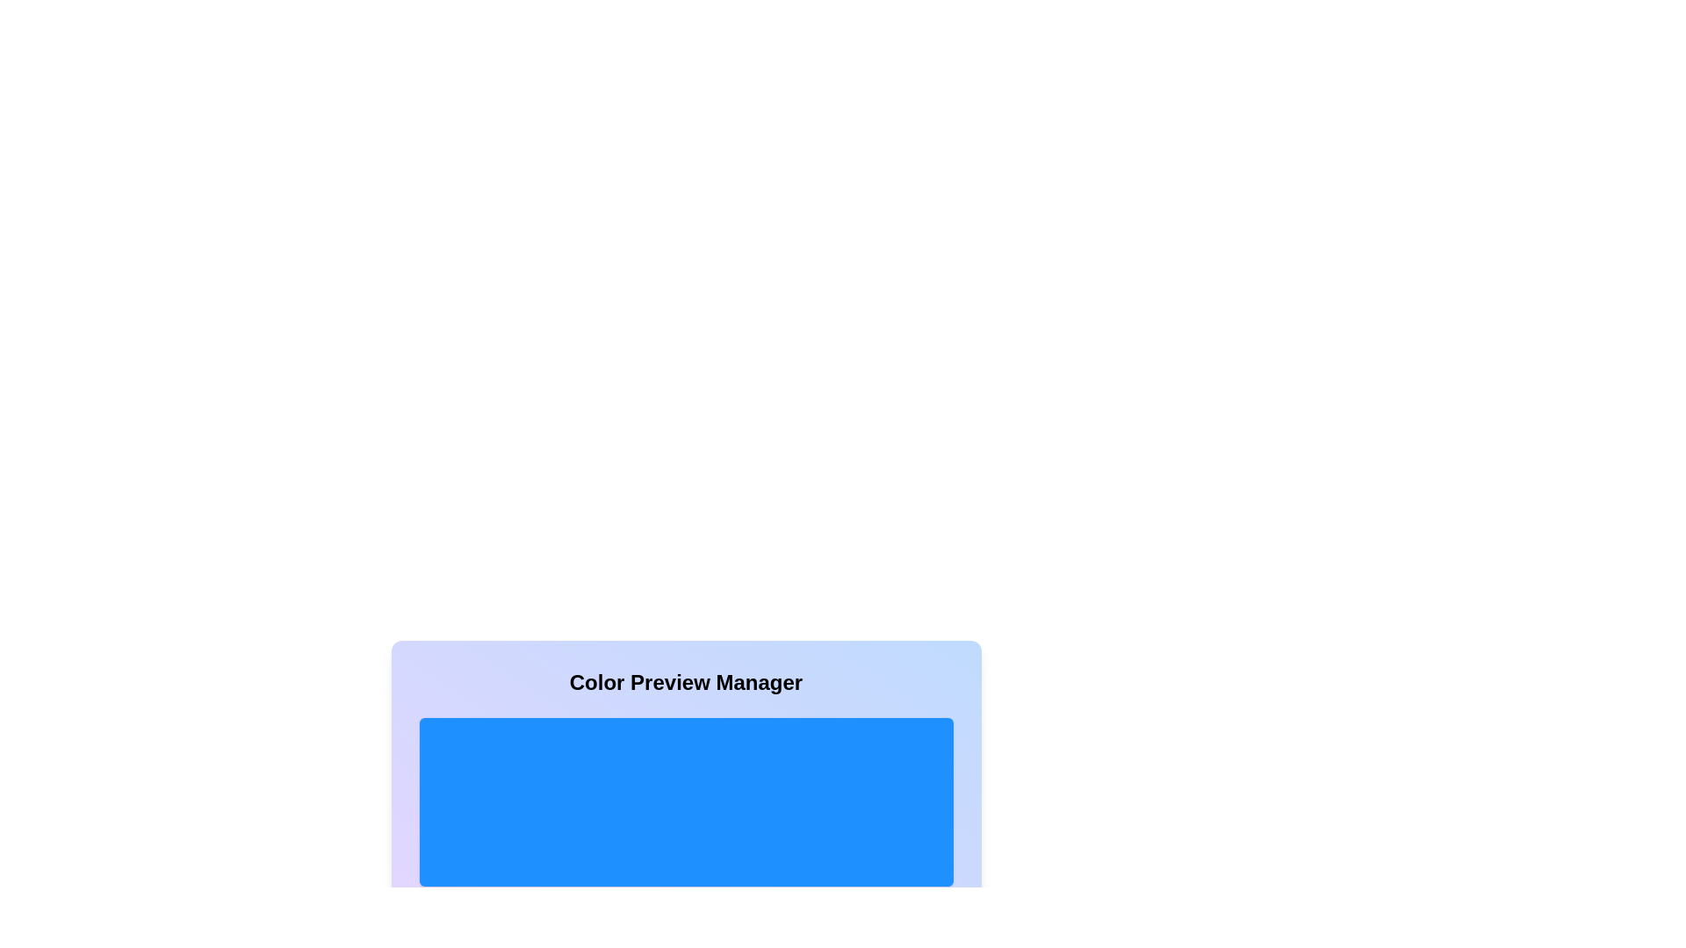  I want to click on the header text element that indicates the purpose of managing color previews, which is centrally aligned above a large blue rectangular visual element, so click(685, 682).